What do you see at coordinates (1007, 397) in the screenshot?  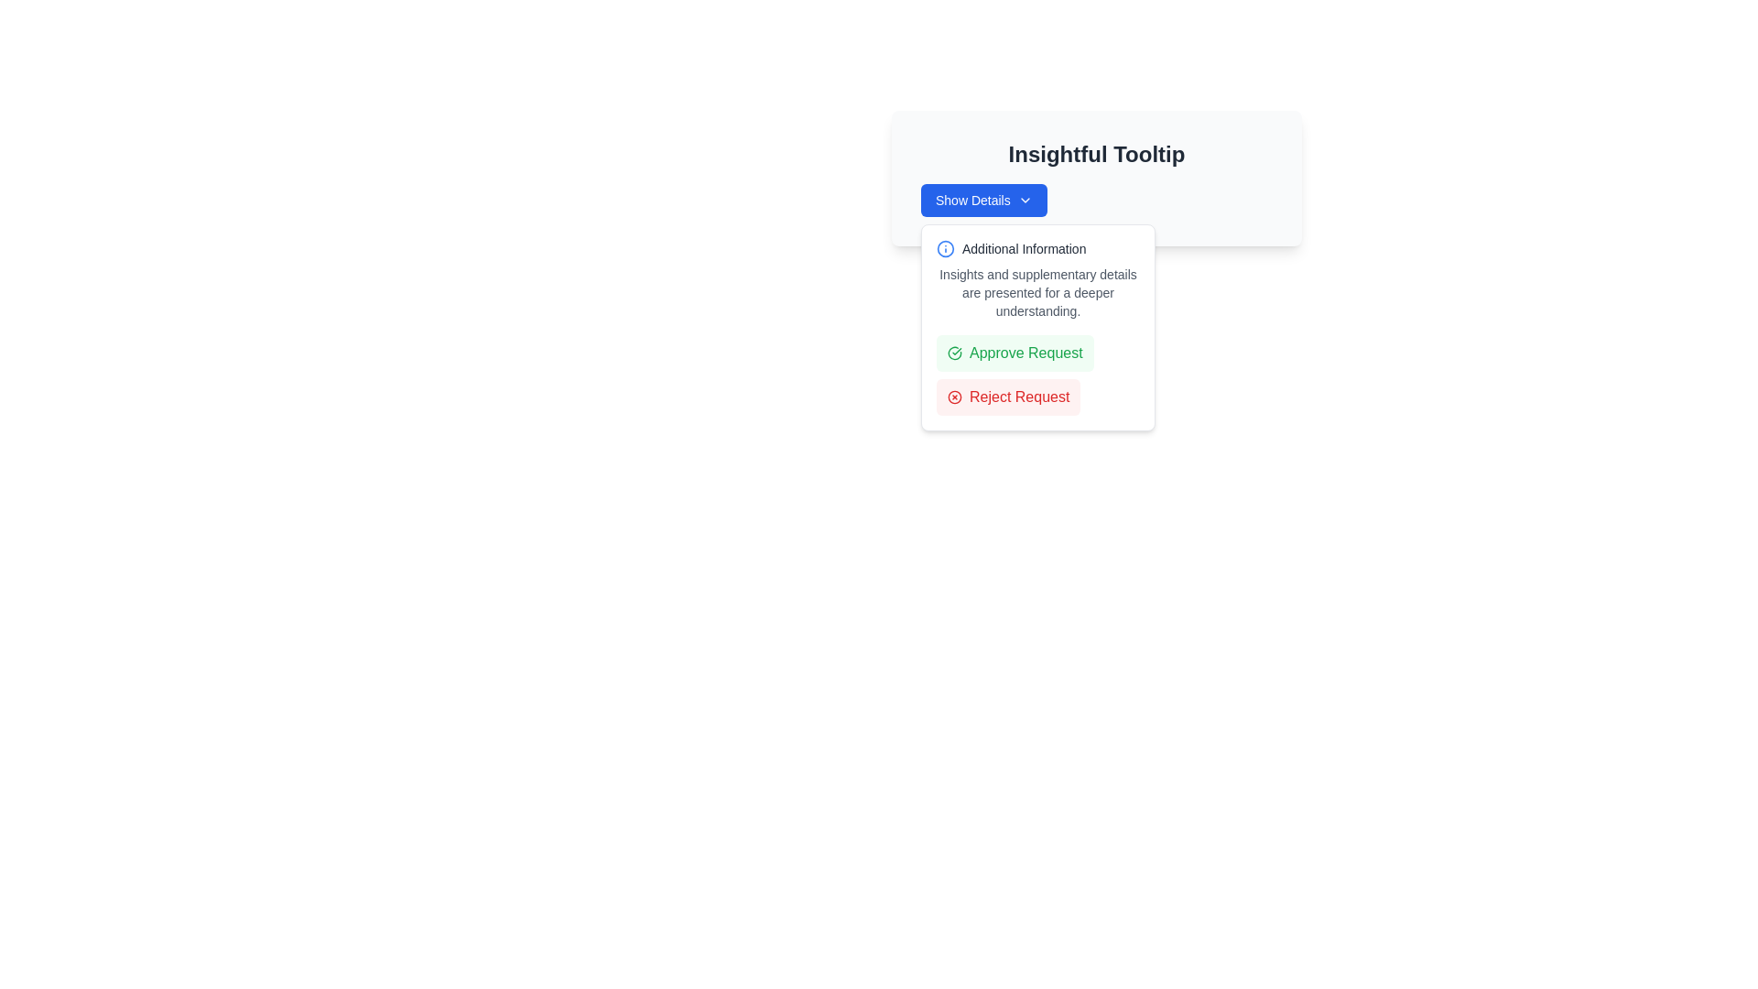 I see `the 'Reject Request' button with red text and an 'X' icon` at bounding box center [1007, 397].